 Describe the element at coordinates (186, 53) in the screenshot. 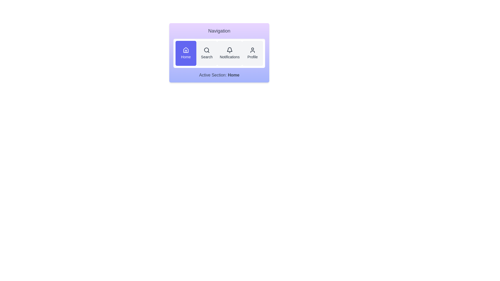

I see `the Home button to activate the corresponding section` at that location.